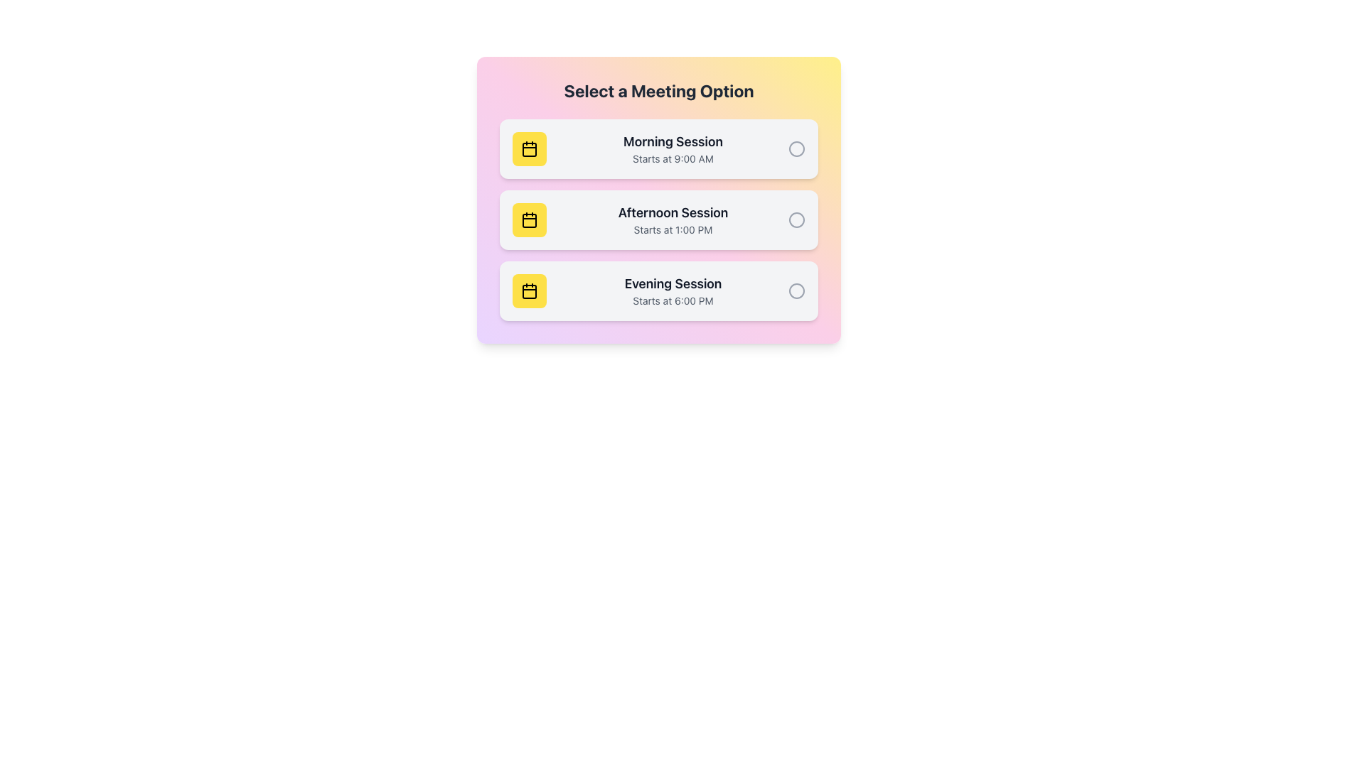 The height and width of the screenshot is (767, 1365). Describe the element at coordinates (658, 219) in the screenshot. I see `the radio button group` at that location.